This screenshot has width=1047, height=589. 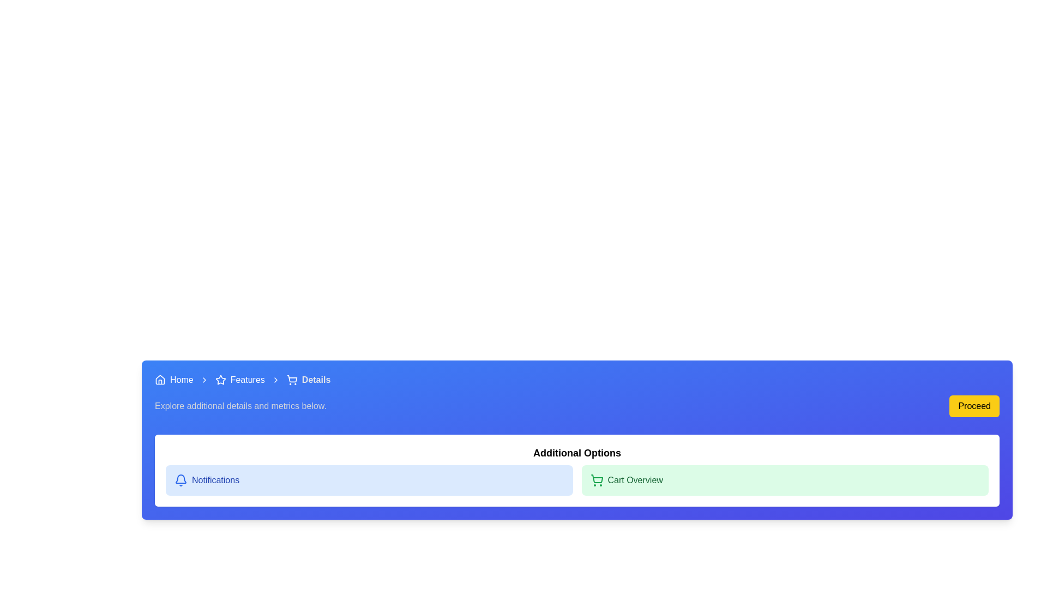 I want to click on the star-shaped icon with a blue background and white border located adjacent to the 'Features' text label in the horizontal navigation bar, so click(x=220, y=380).